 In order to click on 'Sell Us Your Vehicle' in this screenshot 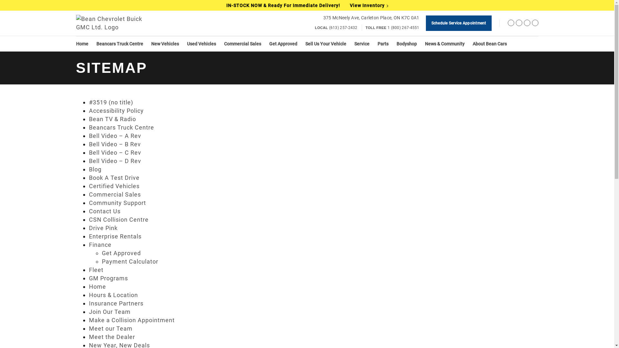, I will do `click(325, 43)`.